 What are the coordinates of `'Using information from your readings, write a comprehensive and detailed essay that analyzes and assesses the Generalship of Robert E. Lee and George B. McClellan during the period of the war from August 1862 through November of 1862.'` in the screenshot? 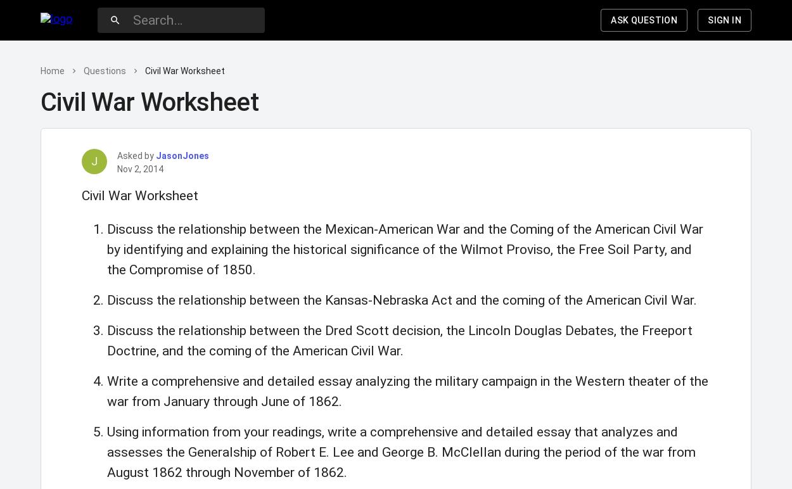 It's located at (401, 452).